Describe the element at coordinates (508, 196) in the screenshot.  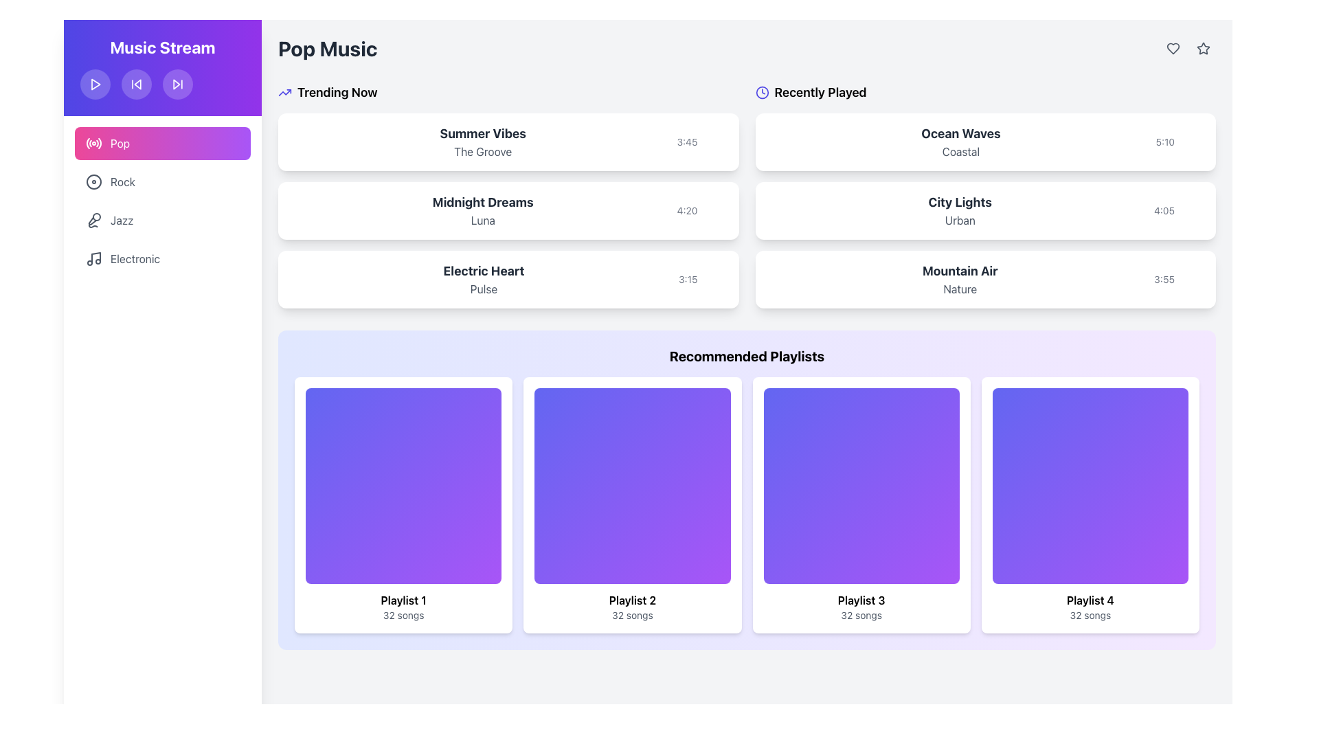
I see `on the second audio track card in the 'Trending Now' list` at that location.